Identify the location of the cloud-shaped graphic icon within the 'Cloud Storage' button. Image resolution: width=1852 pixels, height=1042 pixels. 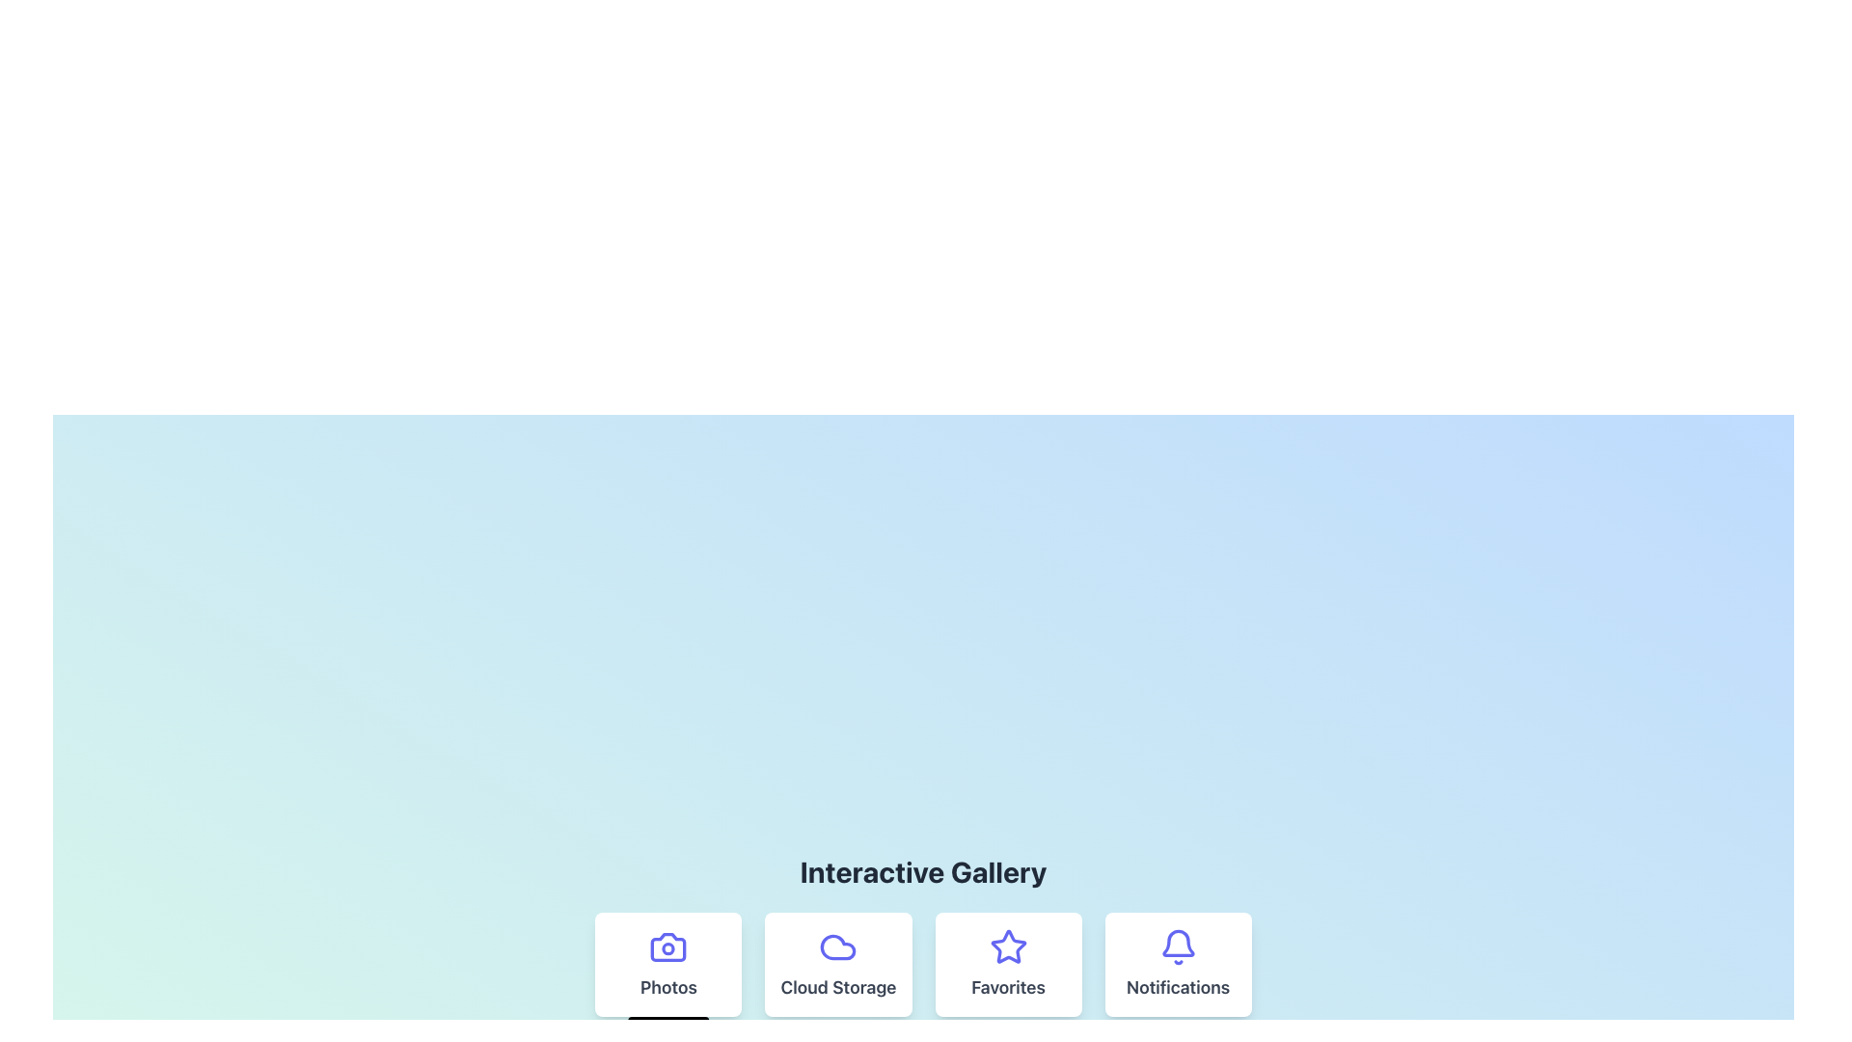
(838, 946).